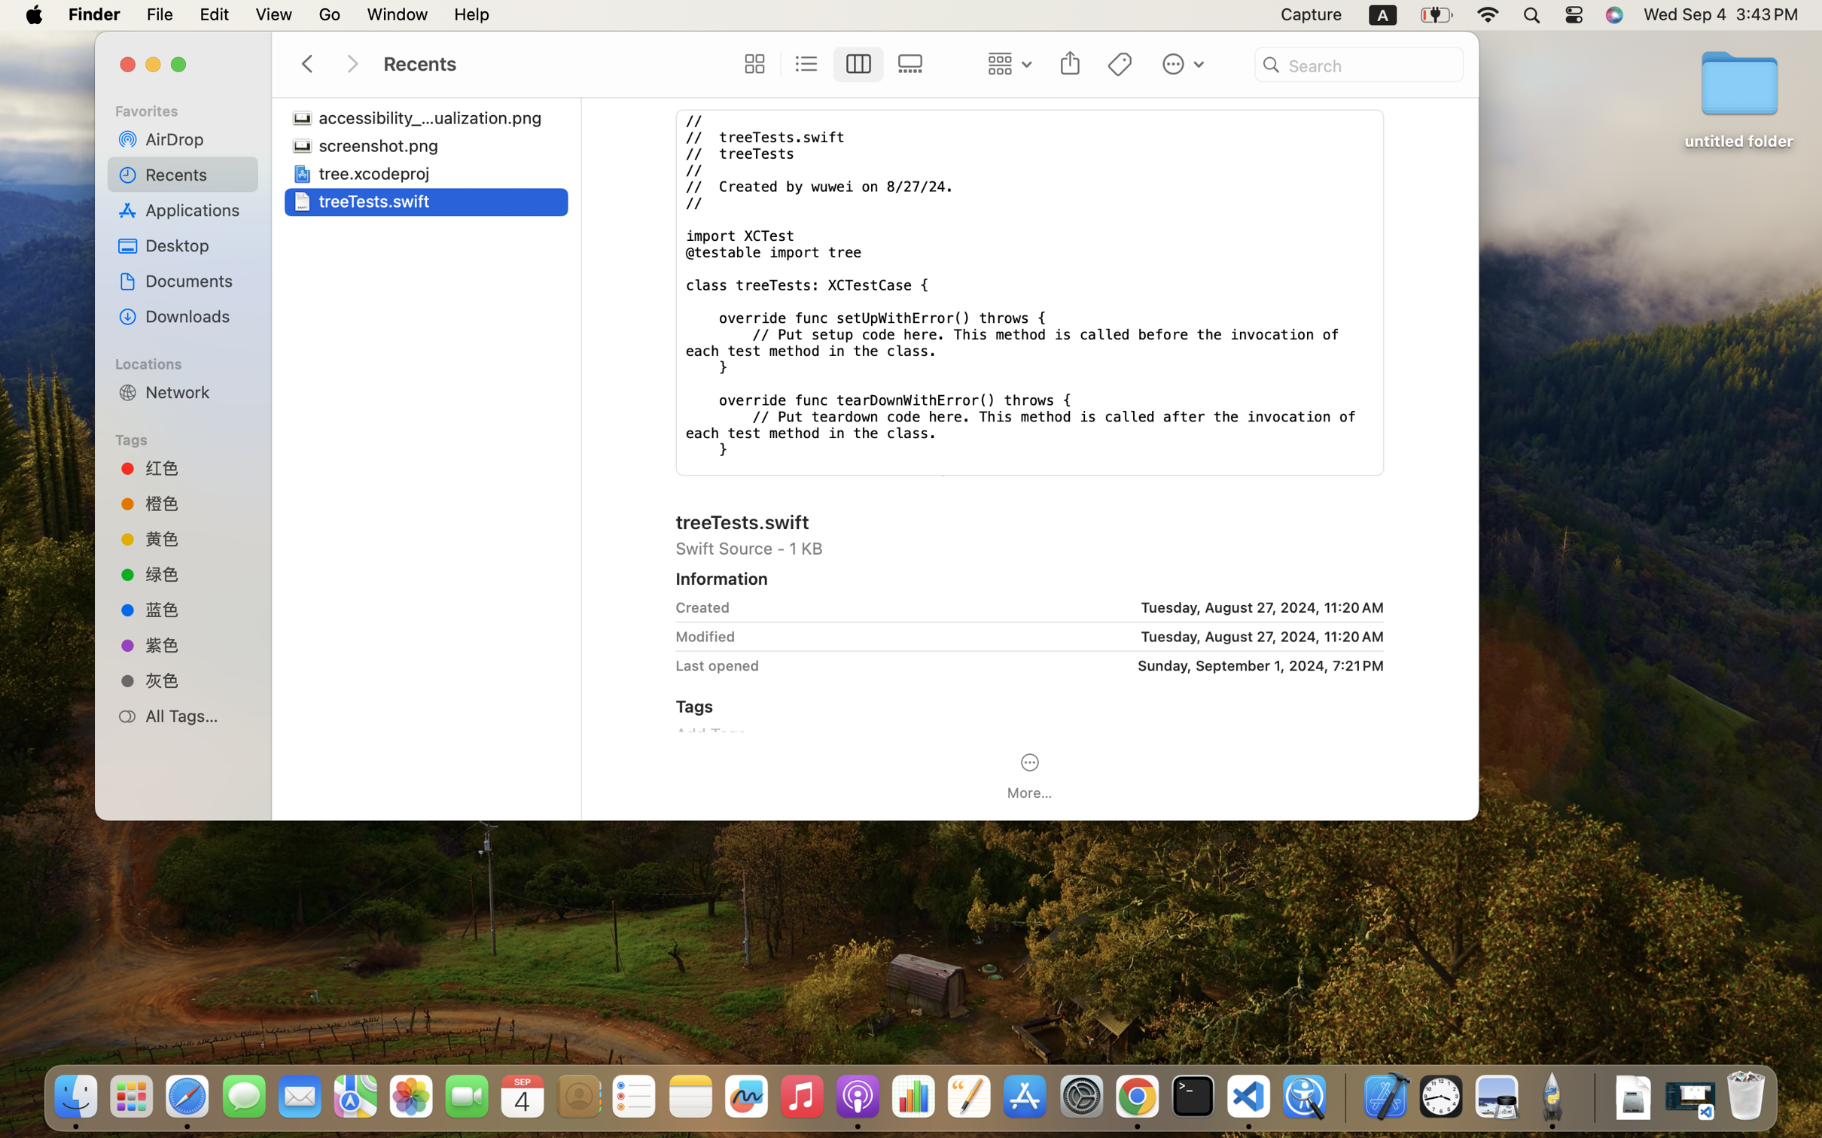  I want to click on 'Documents', so click(196, 281).